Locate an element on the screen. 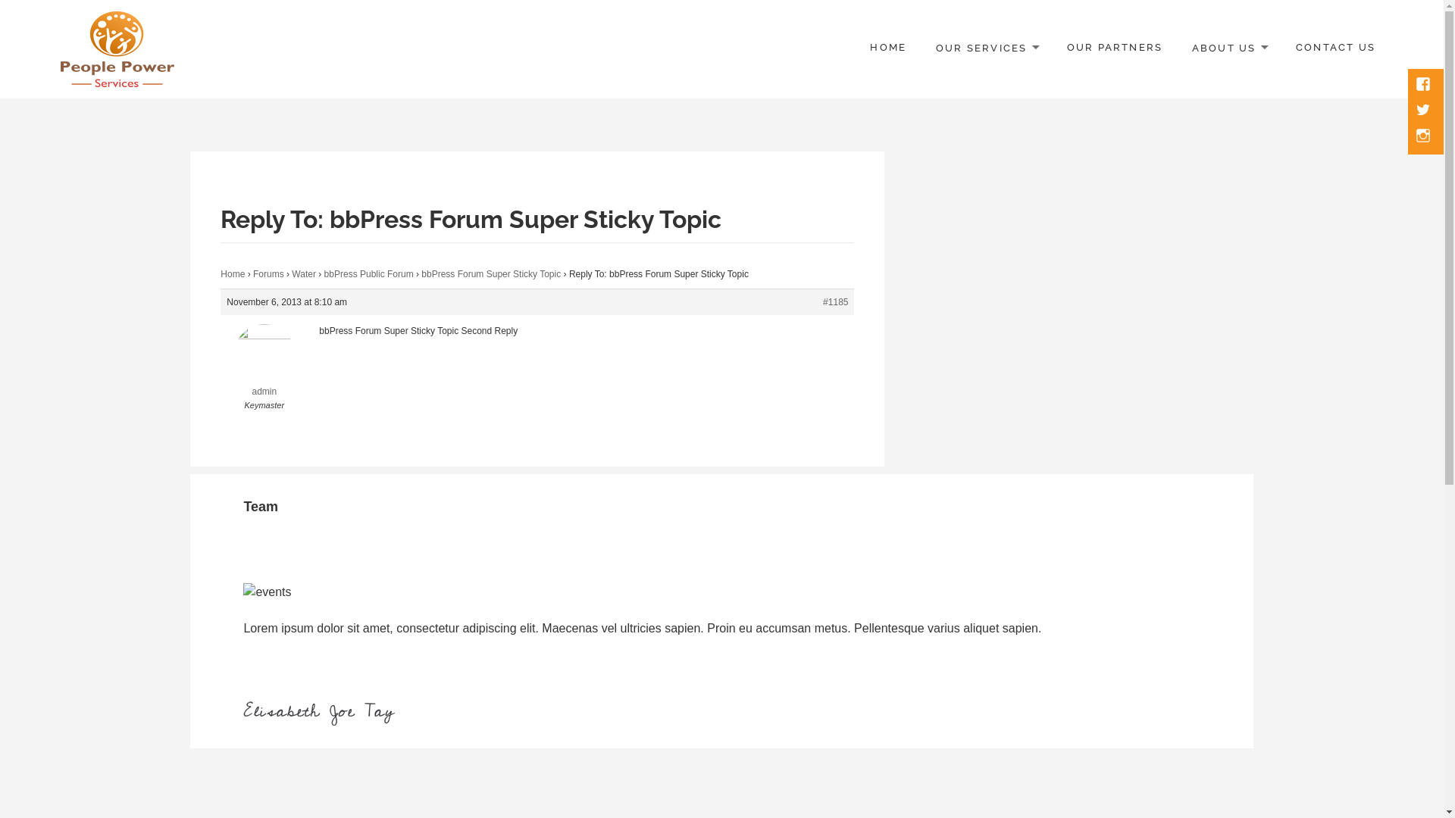  'Forums' is located at coordinates (268, 274).